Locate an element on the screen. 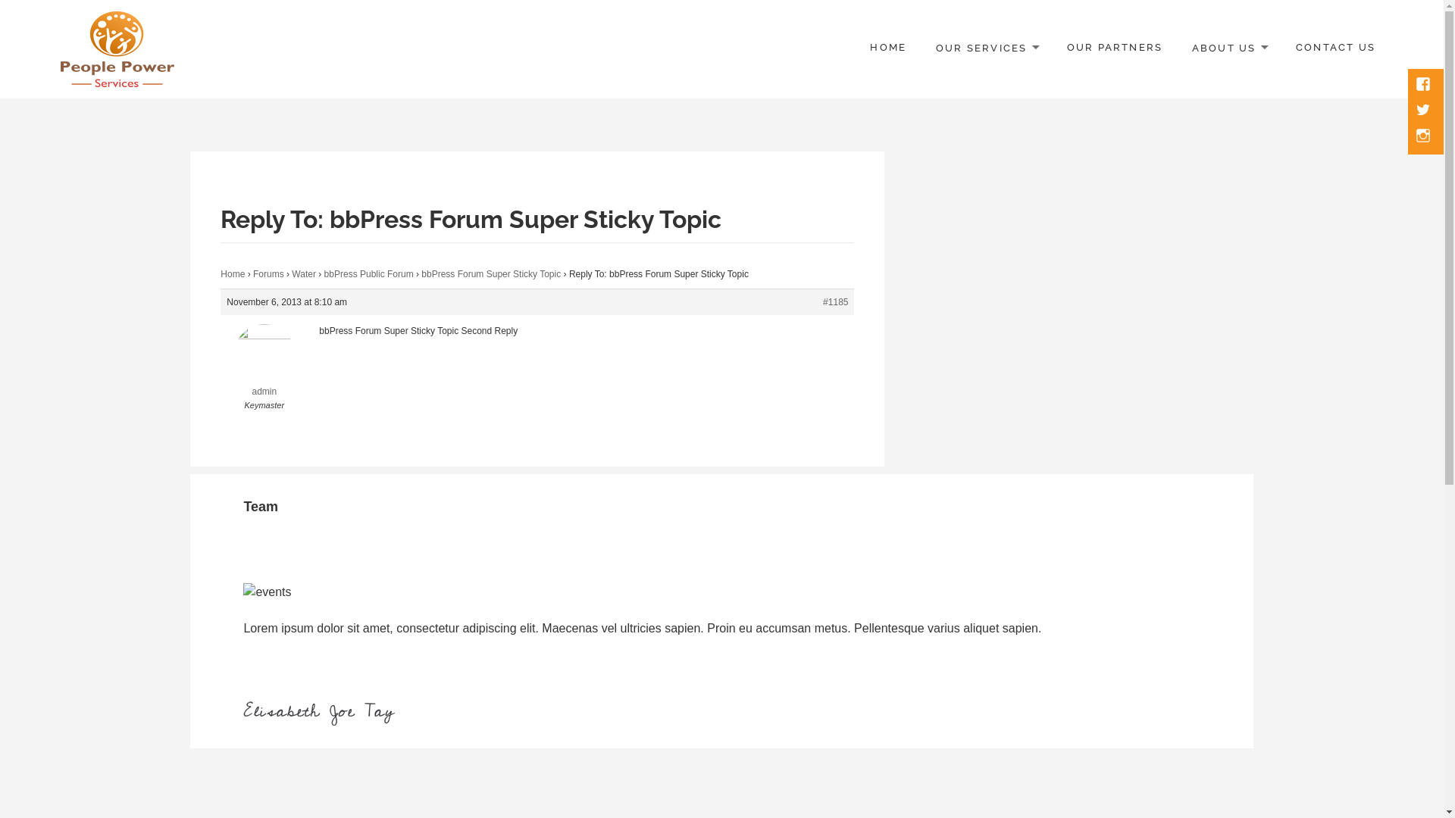  'Forums' is located at coordinates (268, 274).